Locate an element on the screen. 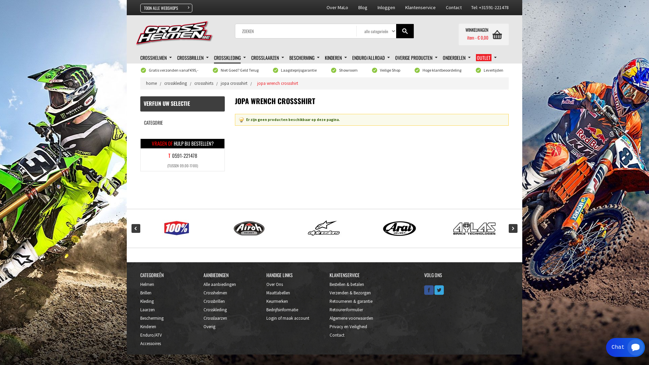  'ENDURO/ALLROAD' is located at coordinates (370, 57).